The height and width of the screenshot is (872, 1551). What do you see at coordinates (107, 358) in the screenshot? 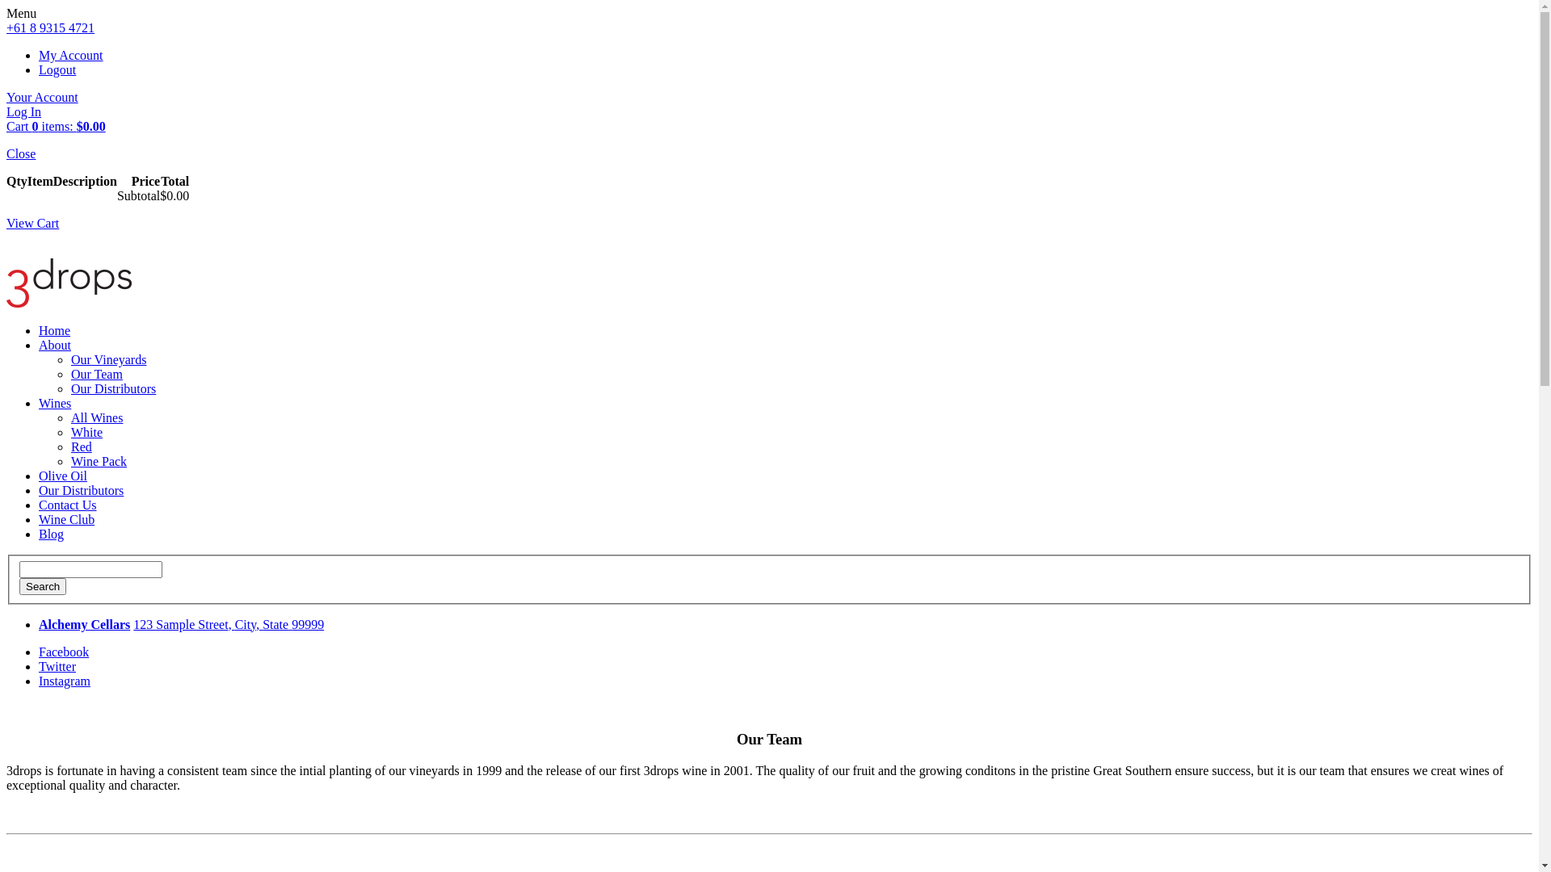
I see `'Our Vineyards'` at bounding box center [107, 358].